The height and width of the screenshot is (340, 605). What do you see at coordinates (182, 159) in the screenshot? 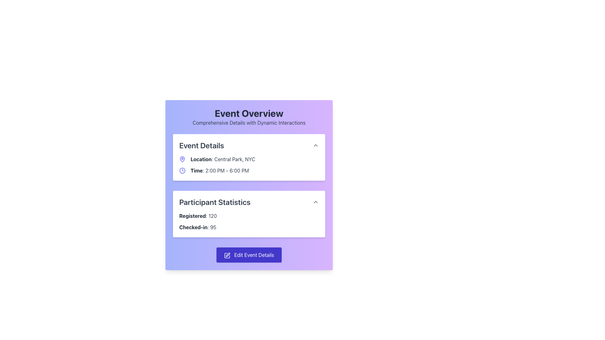
I see `the location icon associated with the 'Location' label in the 'Event Details' card` at bounding box center [182, 159].